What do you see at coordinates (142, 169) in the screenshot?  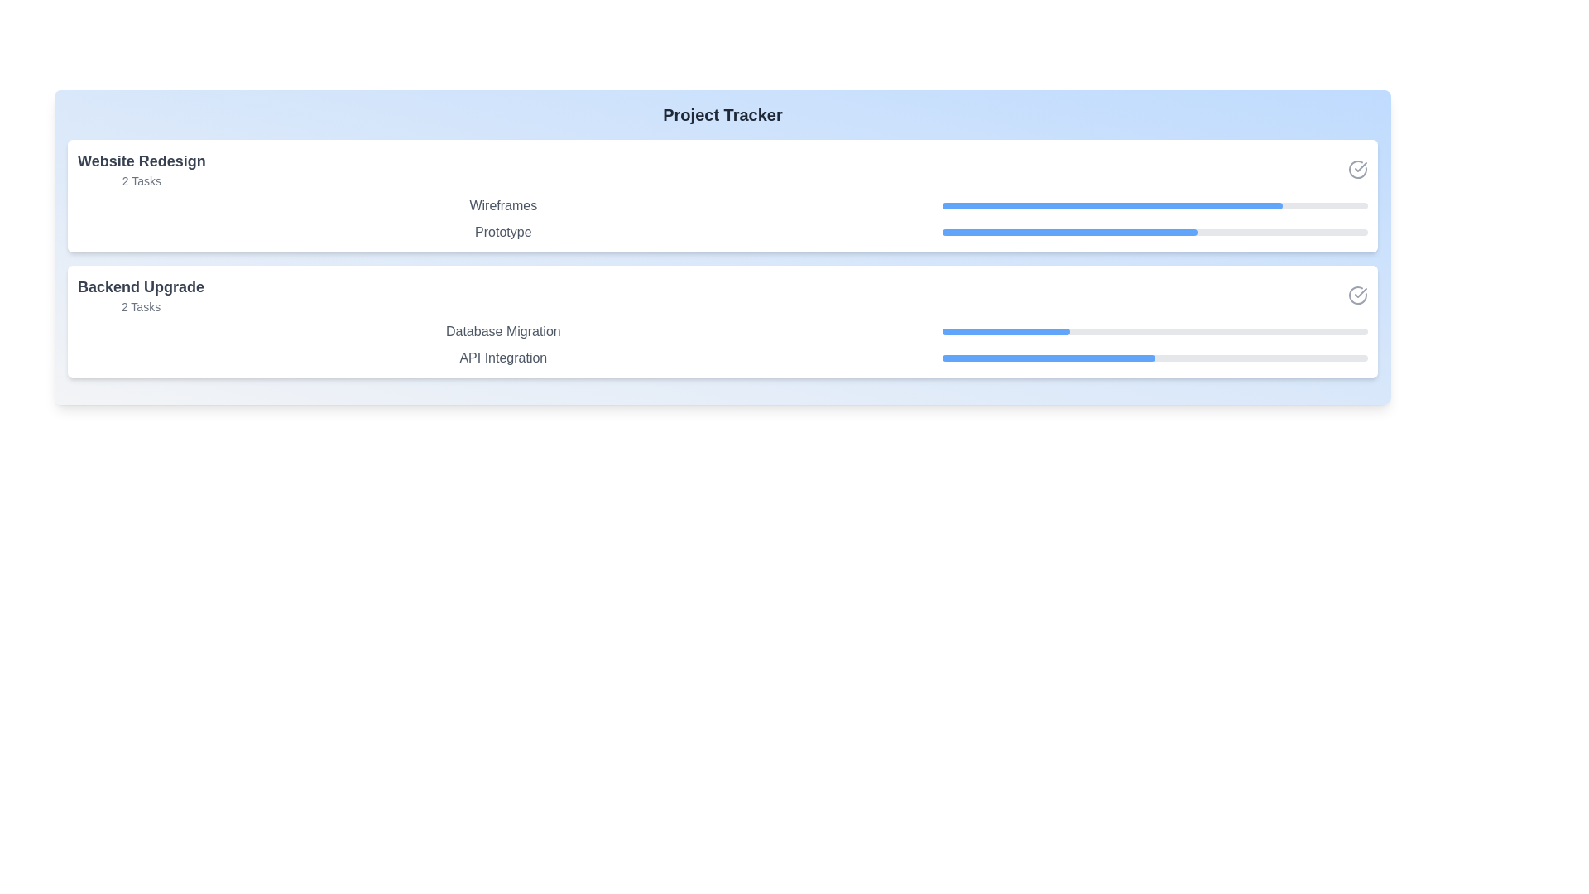 I see `the Text Label displaying information about the project 'Website Redesign' located in the top-left corner of the first card in the vertically stacked list of cards` at bounding box center [142, 169].